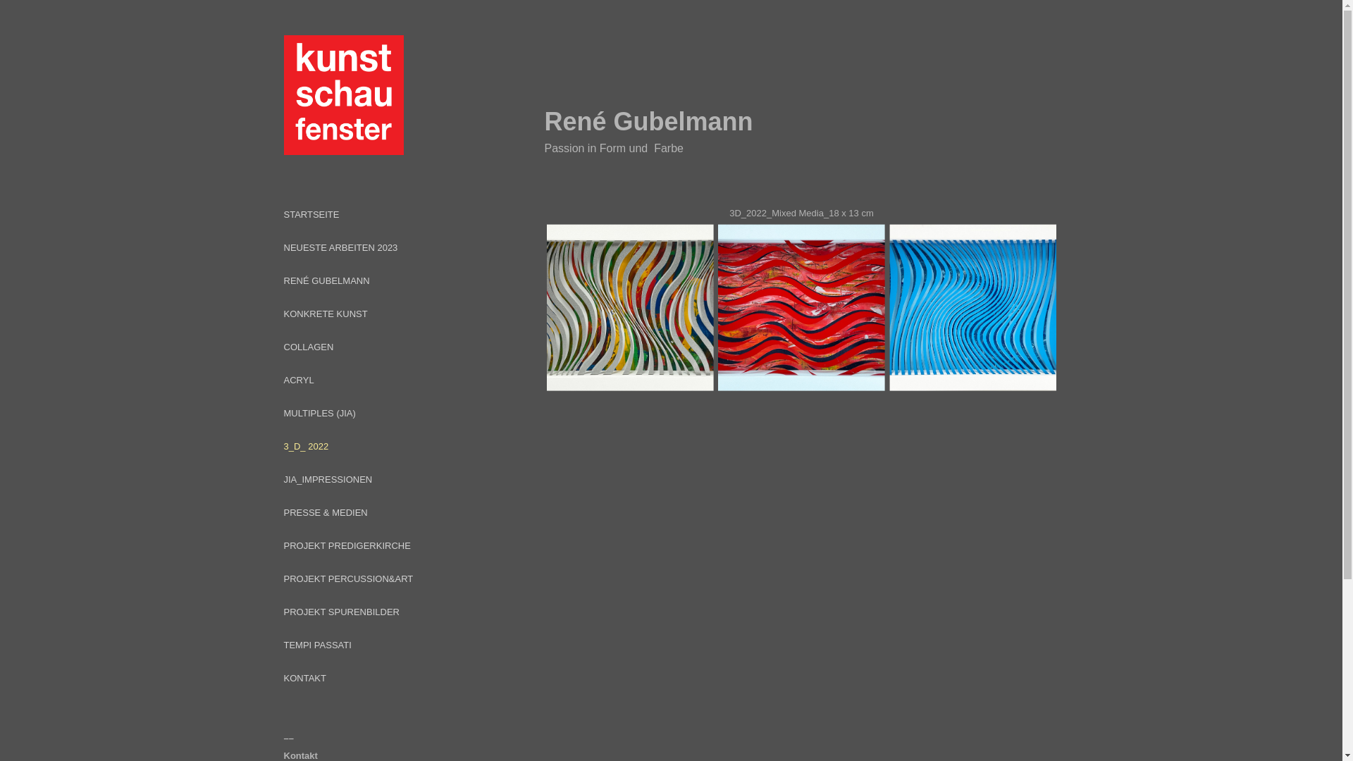  What do you see at coordinates (348, 579) in the screenshot?
I see `'PROJEKT PERCUSSION&ART'` at bounding box center [348, 579].